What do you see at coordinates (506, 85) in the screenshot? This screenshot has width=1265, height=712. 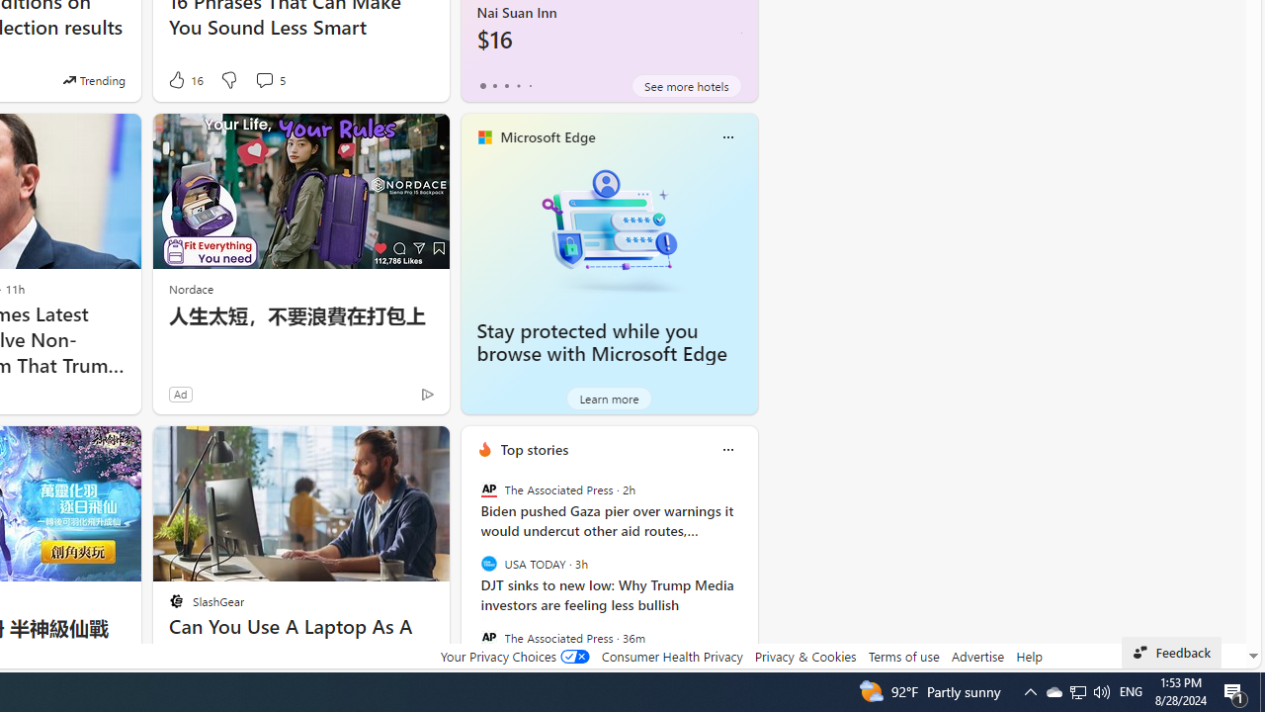 I see `'tab-2'` at bounding box center [506, 85].